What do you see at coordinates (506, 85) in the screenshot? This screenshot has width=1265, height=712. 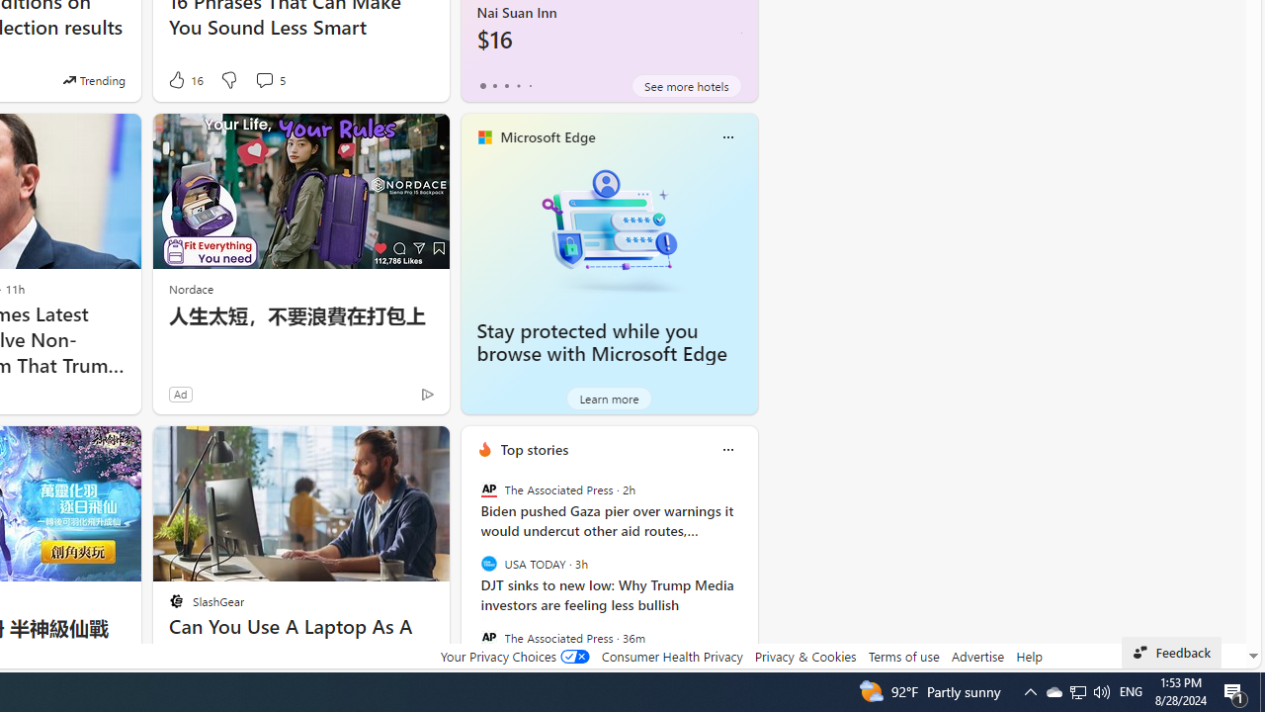 I see `'tab-2'` at bounding box center [506, 85].